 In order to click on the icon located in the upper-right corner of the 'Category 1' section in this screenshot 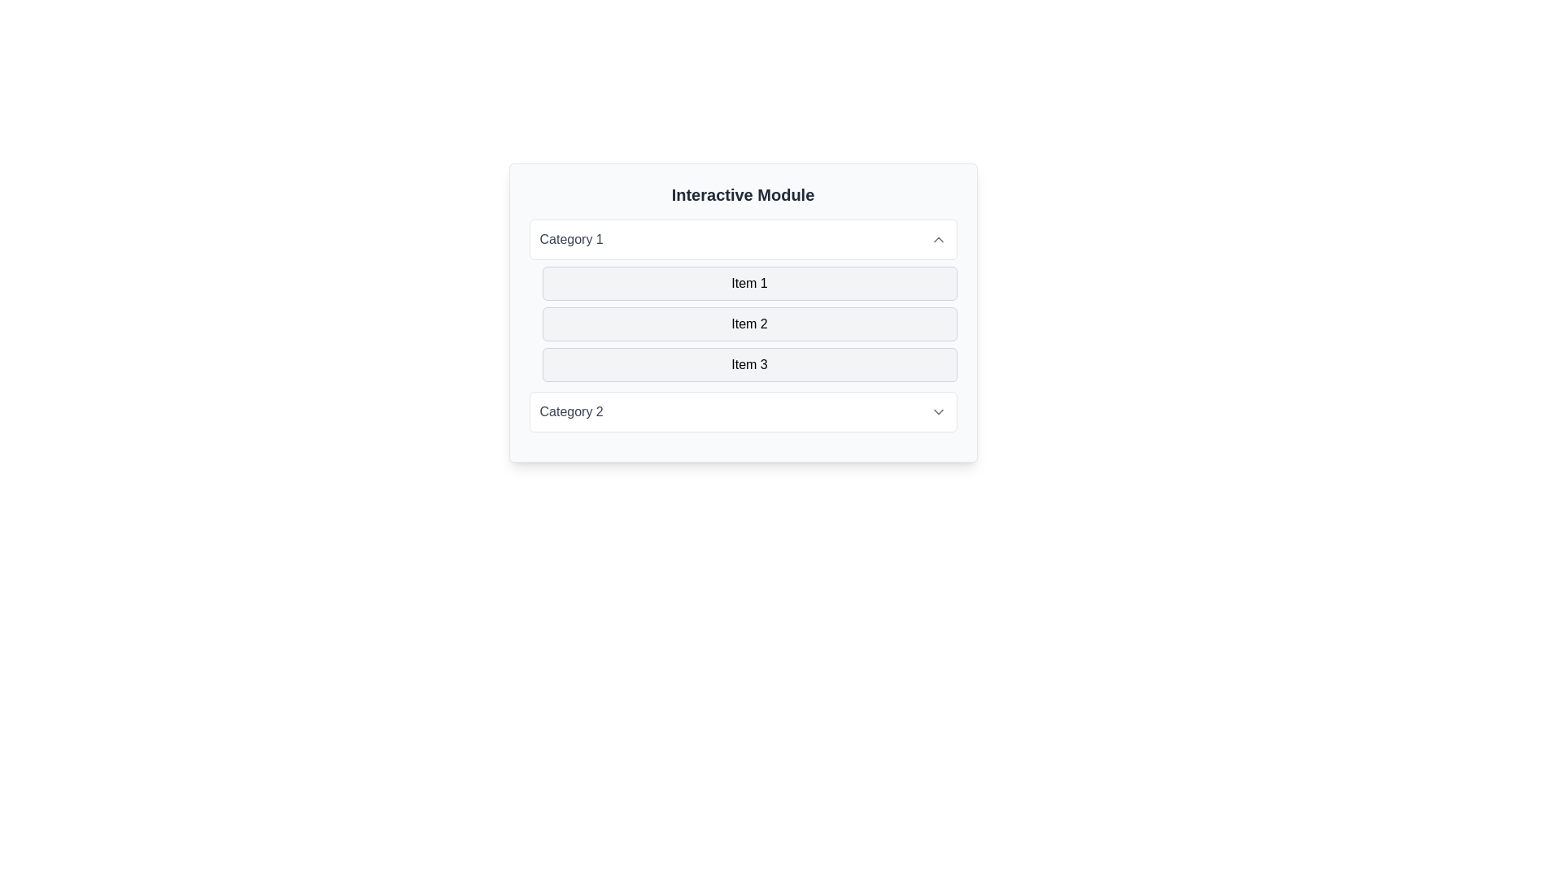, I will do `click(938, 239)`.